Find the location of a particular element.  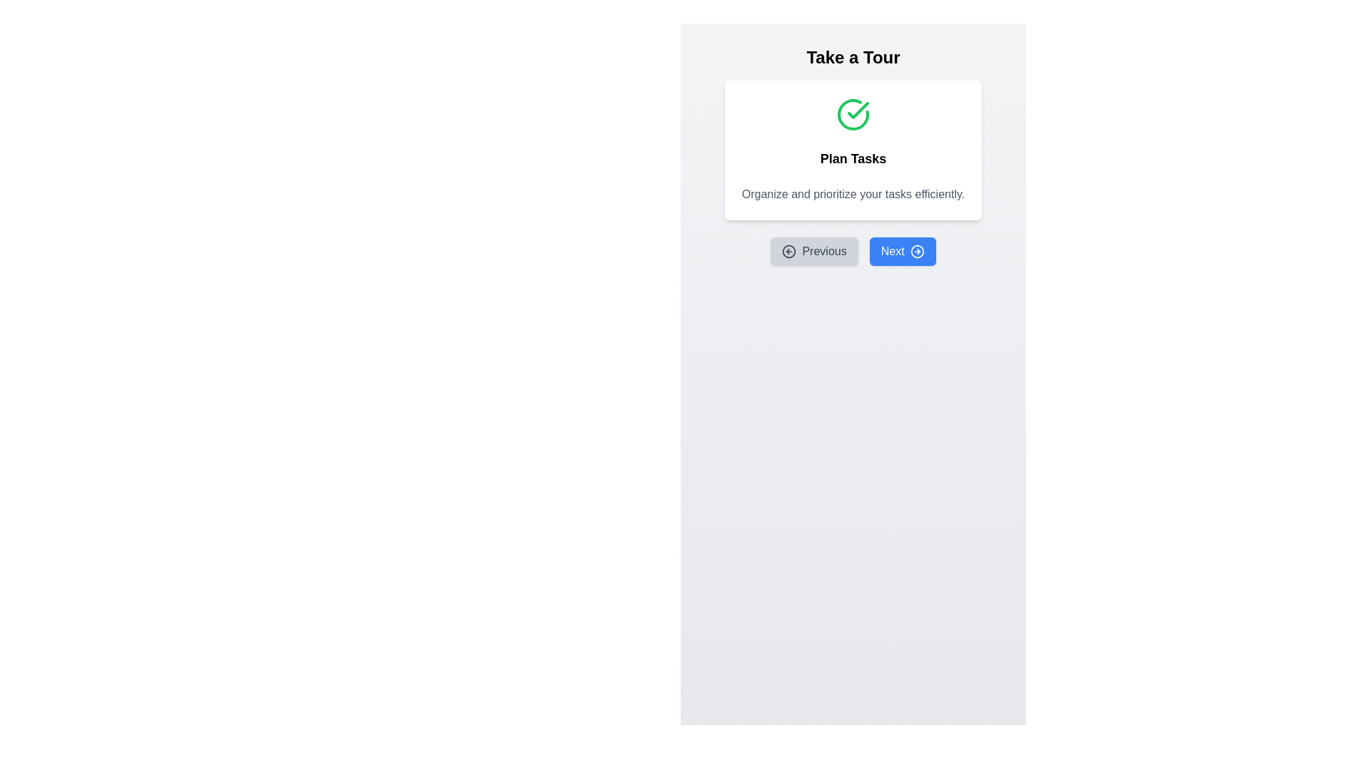

the success icon located at the top of the 'Plan Tasks' card, which is centrally aligned above the textual content is located at coordinates (853, 114).